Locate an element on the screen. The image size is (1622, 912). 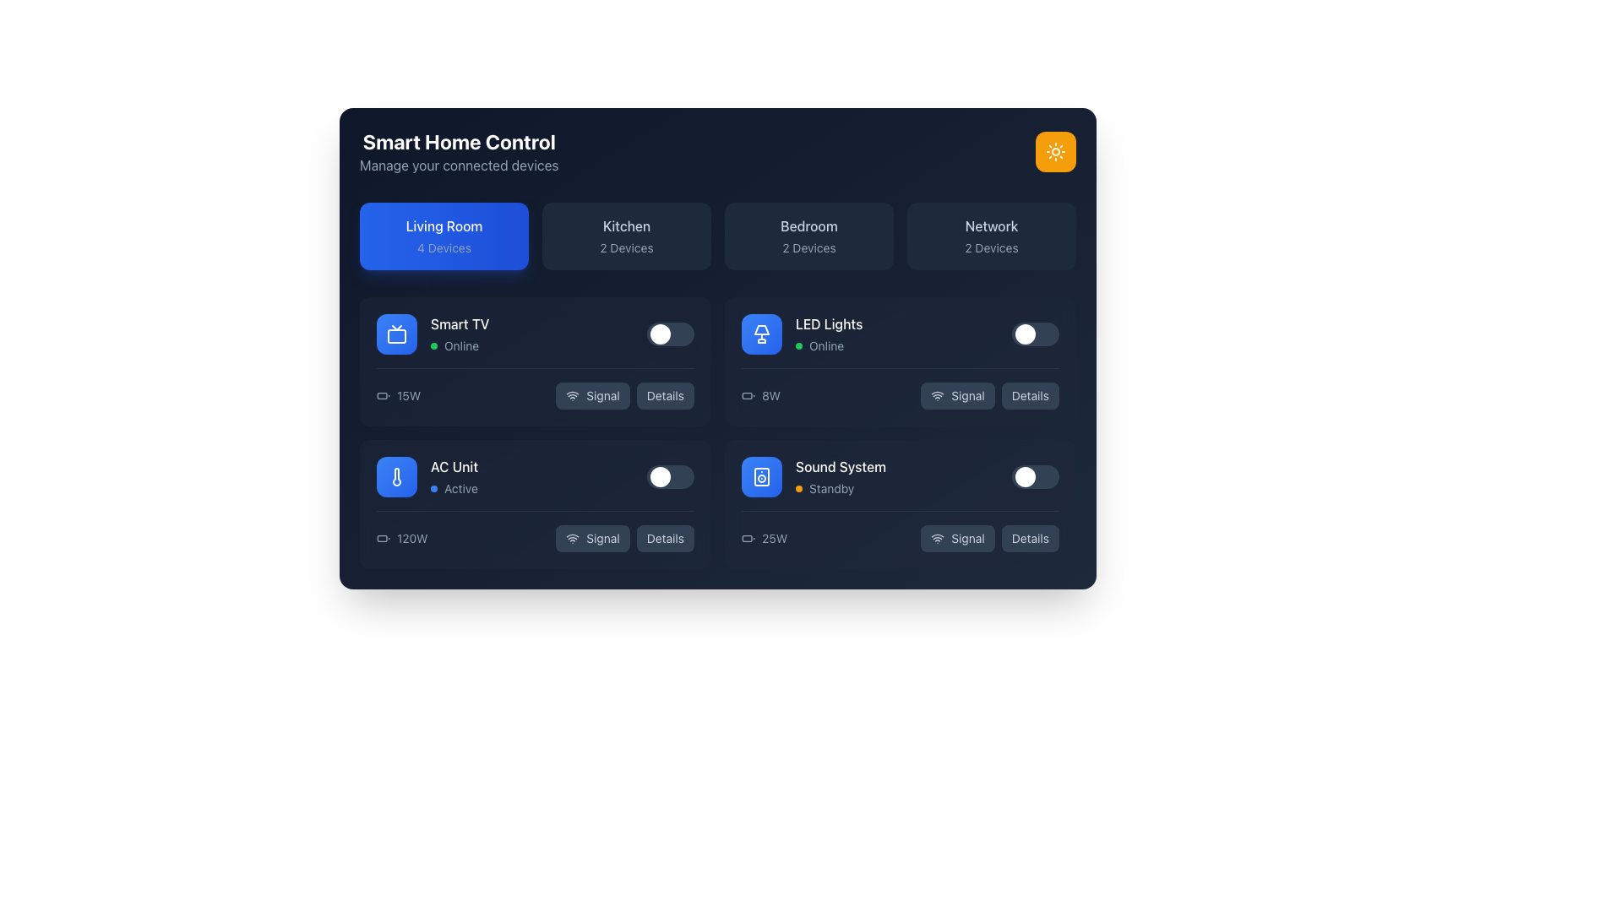
the yellow rounded-corner button with a white sun icon in the top-right corner of the 'Smart Home Control' interface is located at coordinates (1054, 152).